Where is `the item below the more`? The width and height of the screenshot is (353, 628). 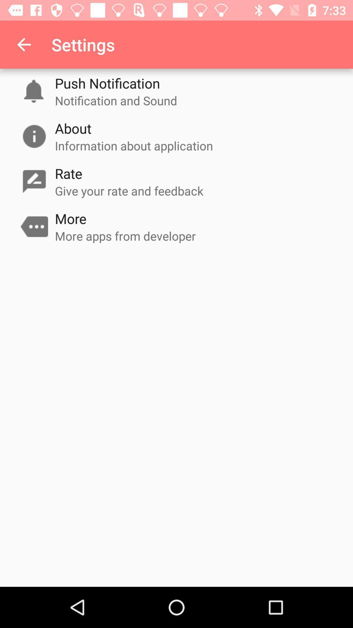
the item below the more is located at coordinates (125, 235).